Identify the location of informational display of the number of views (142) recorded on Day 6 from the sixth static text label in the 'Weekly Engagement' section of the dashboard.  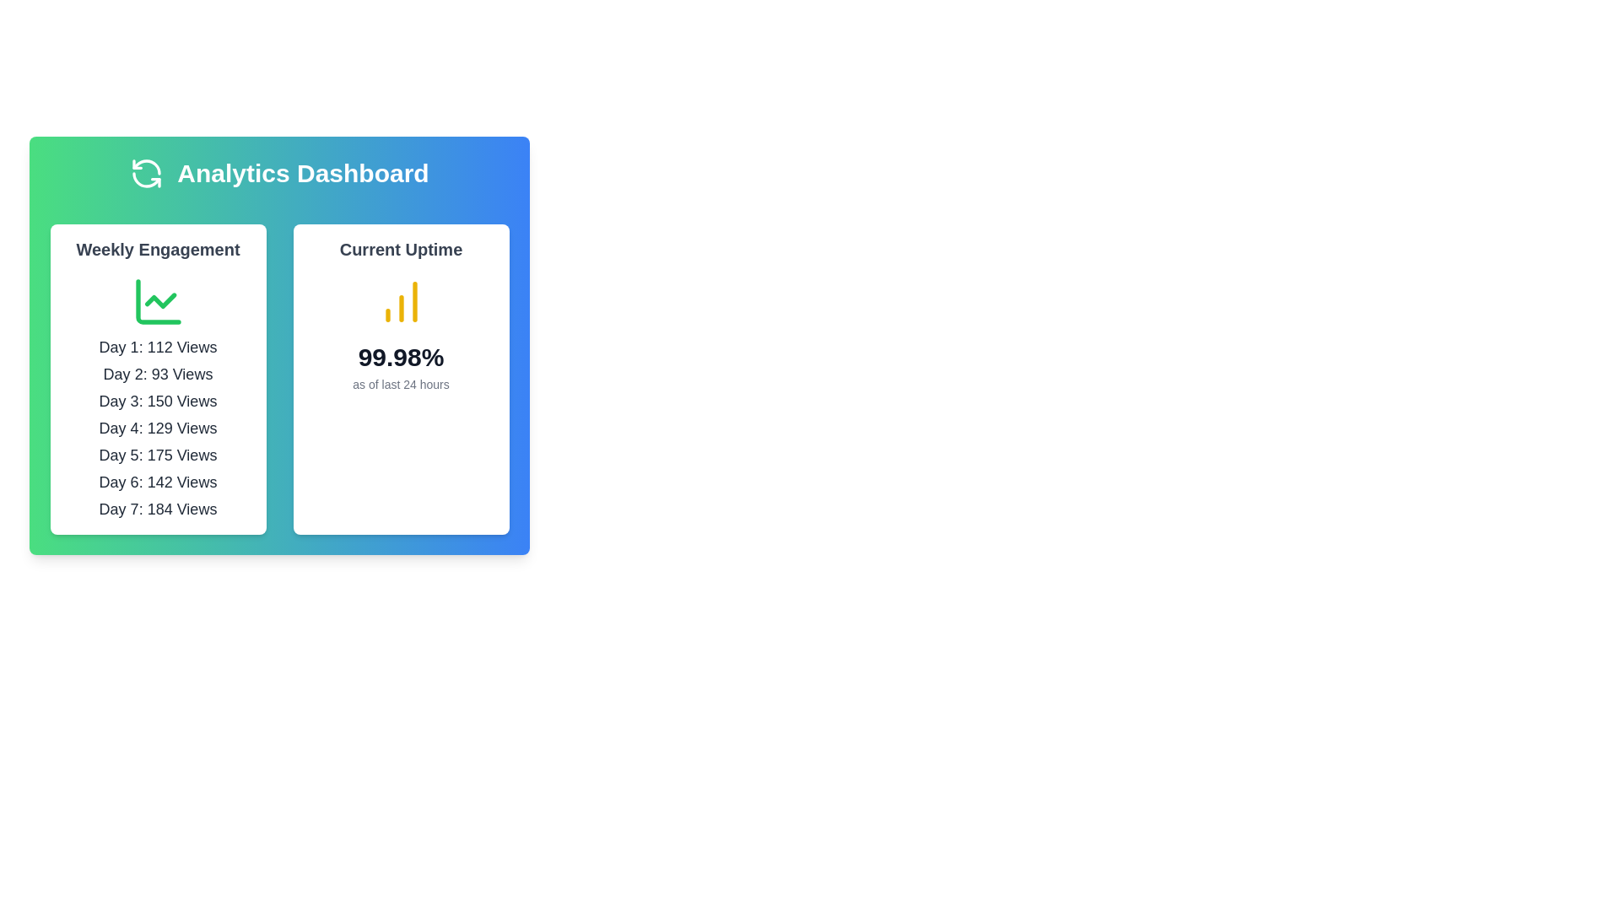
(158, 482).